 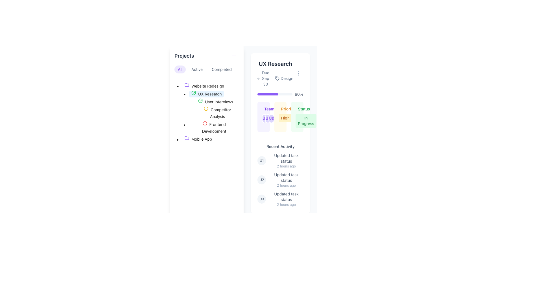 I want to click on the left circular portion of the checkmark icon indicating the positive status of the 'UX Research' project in the 'Projects' section, so click(x=194, y=92).